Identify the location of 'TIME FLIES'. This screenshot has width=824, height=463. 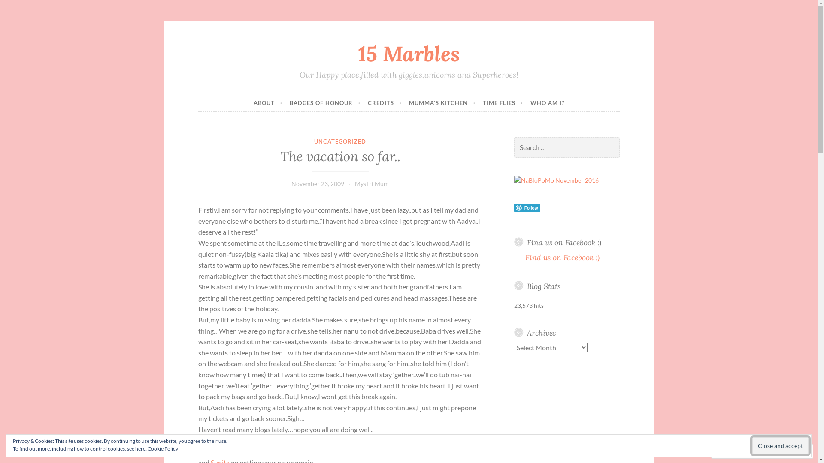
(482, 102).